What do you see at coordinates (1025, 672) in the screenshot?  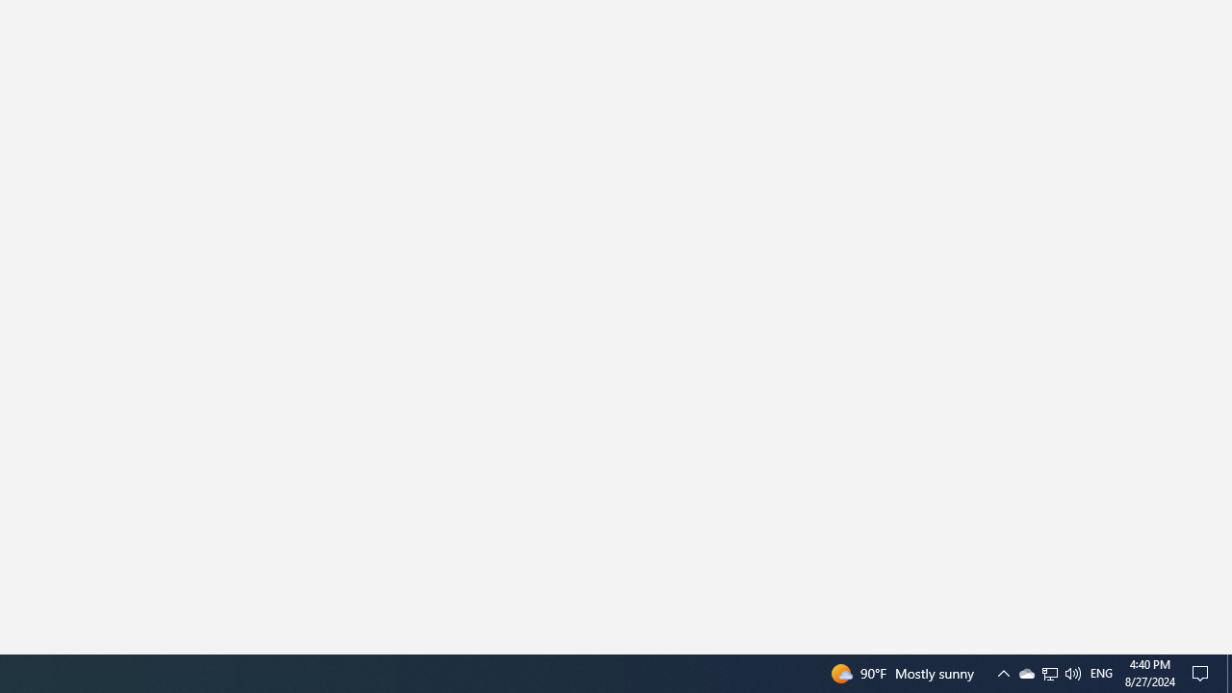 I see `'User Promoted Notification Area'` at bounding box center [1025, 672].